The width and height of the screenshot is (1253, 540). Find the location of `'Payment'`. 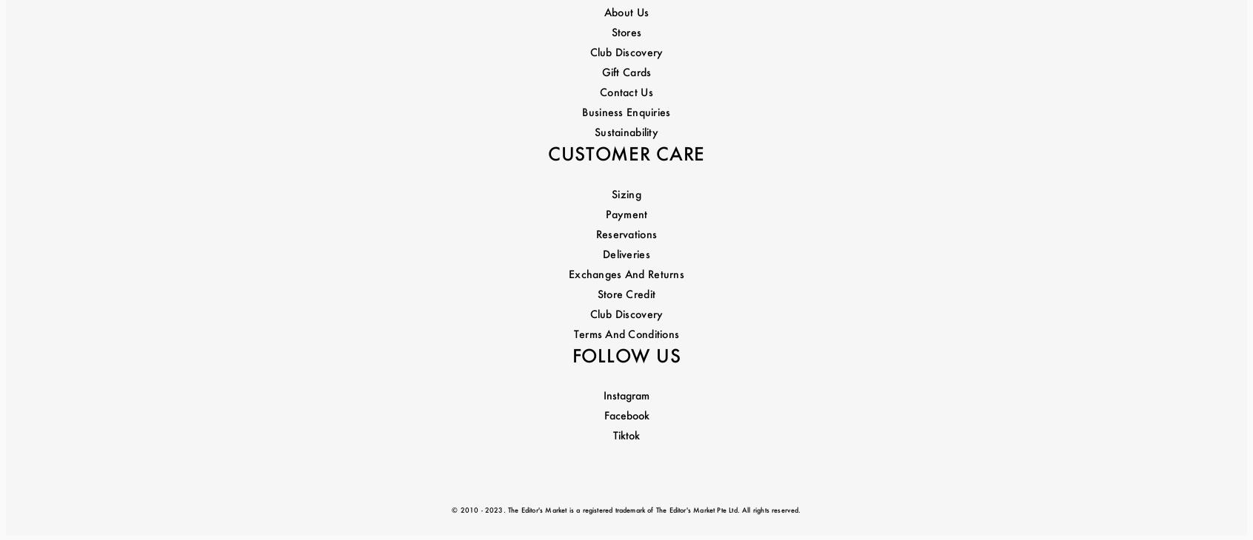

'Payment' is located at coordinates (626, 95).